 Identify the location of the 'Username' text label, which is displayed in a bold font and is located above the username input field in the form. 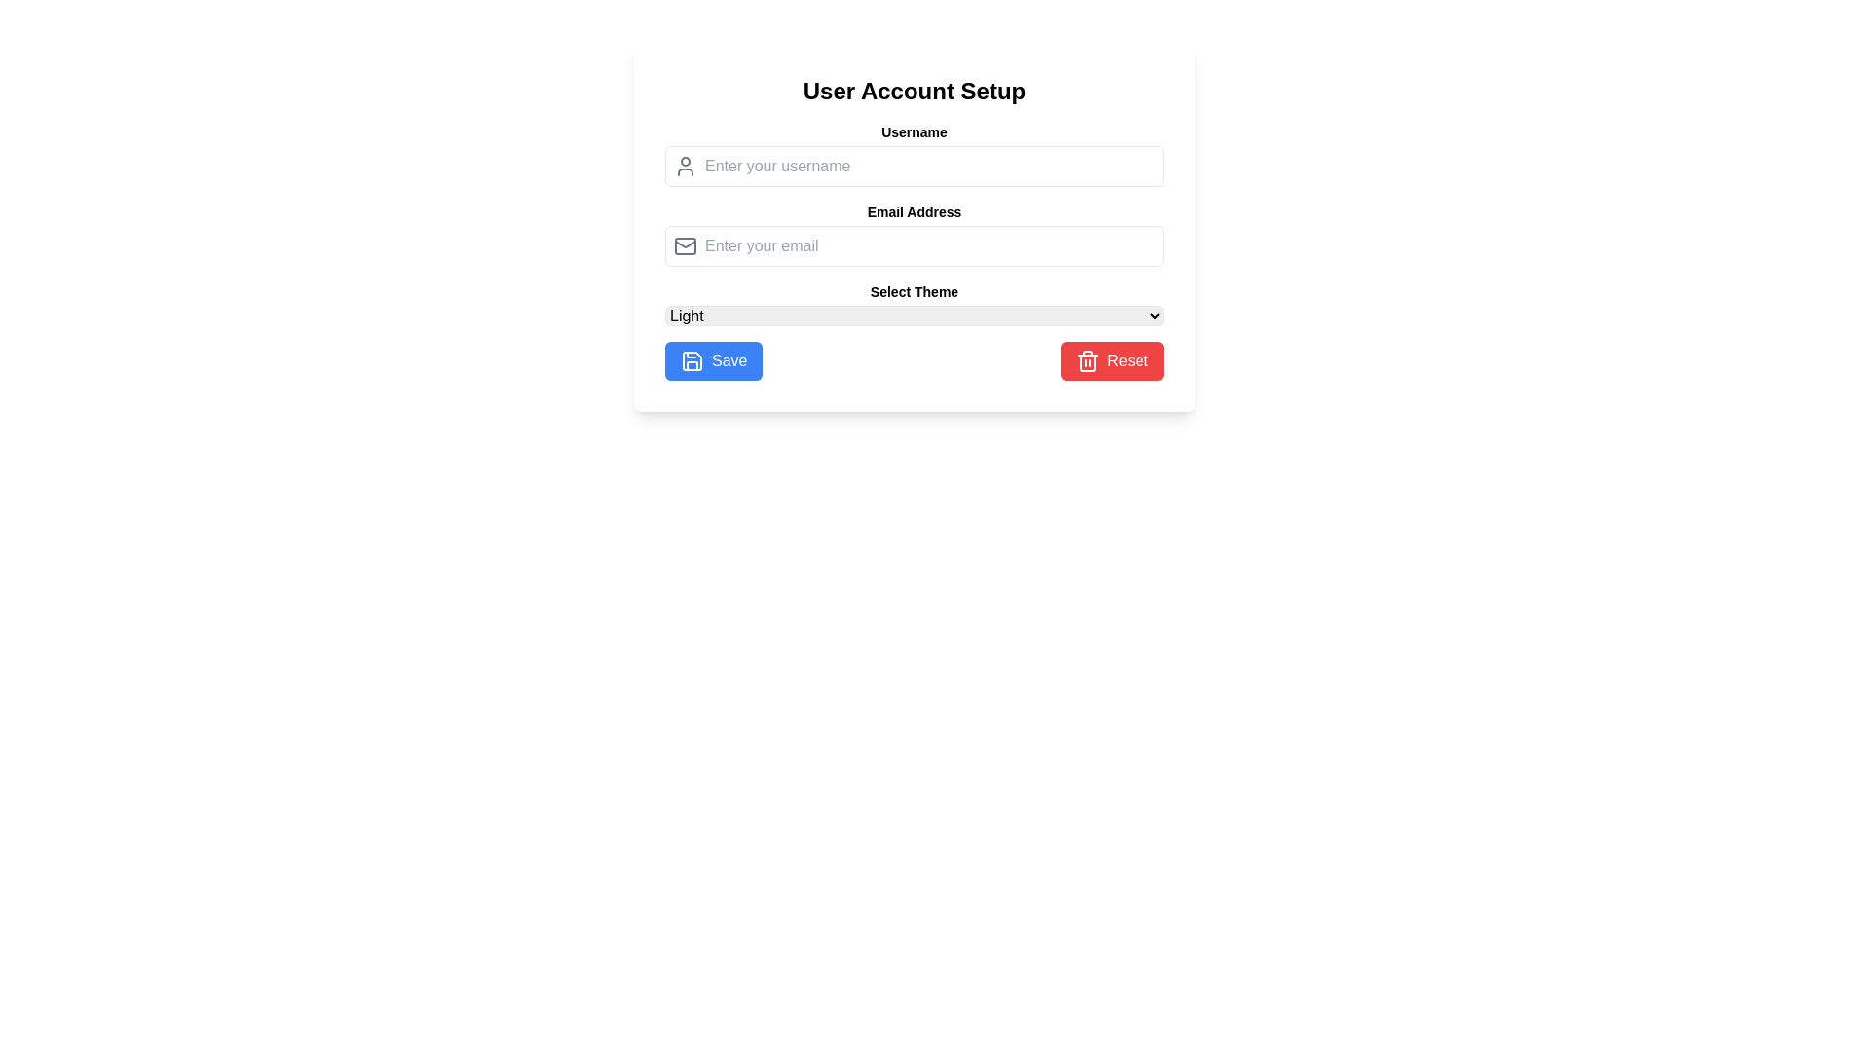
(914, 131).